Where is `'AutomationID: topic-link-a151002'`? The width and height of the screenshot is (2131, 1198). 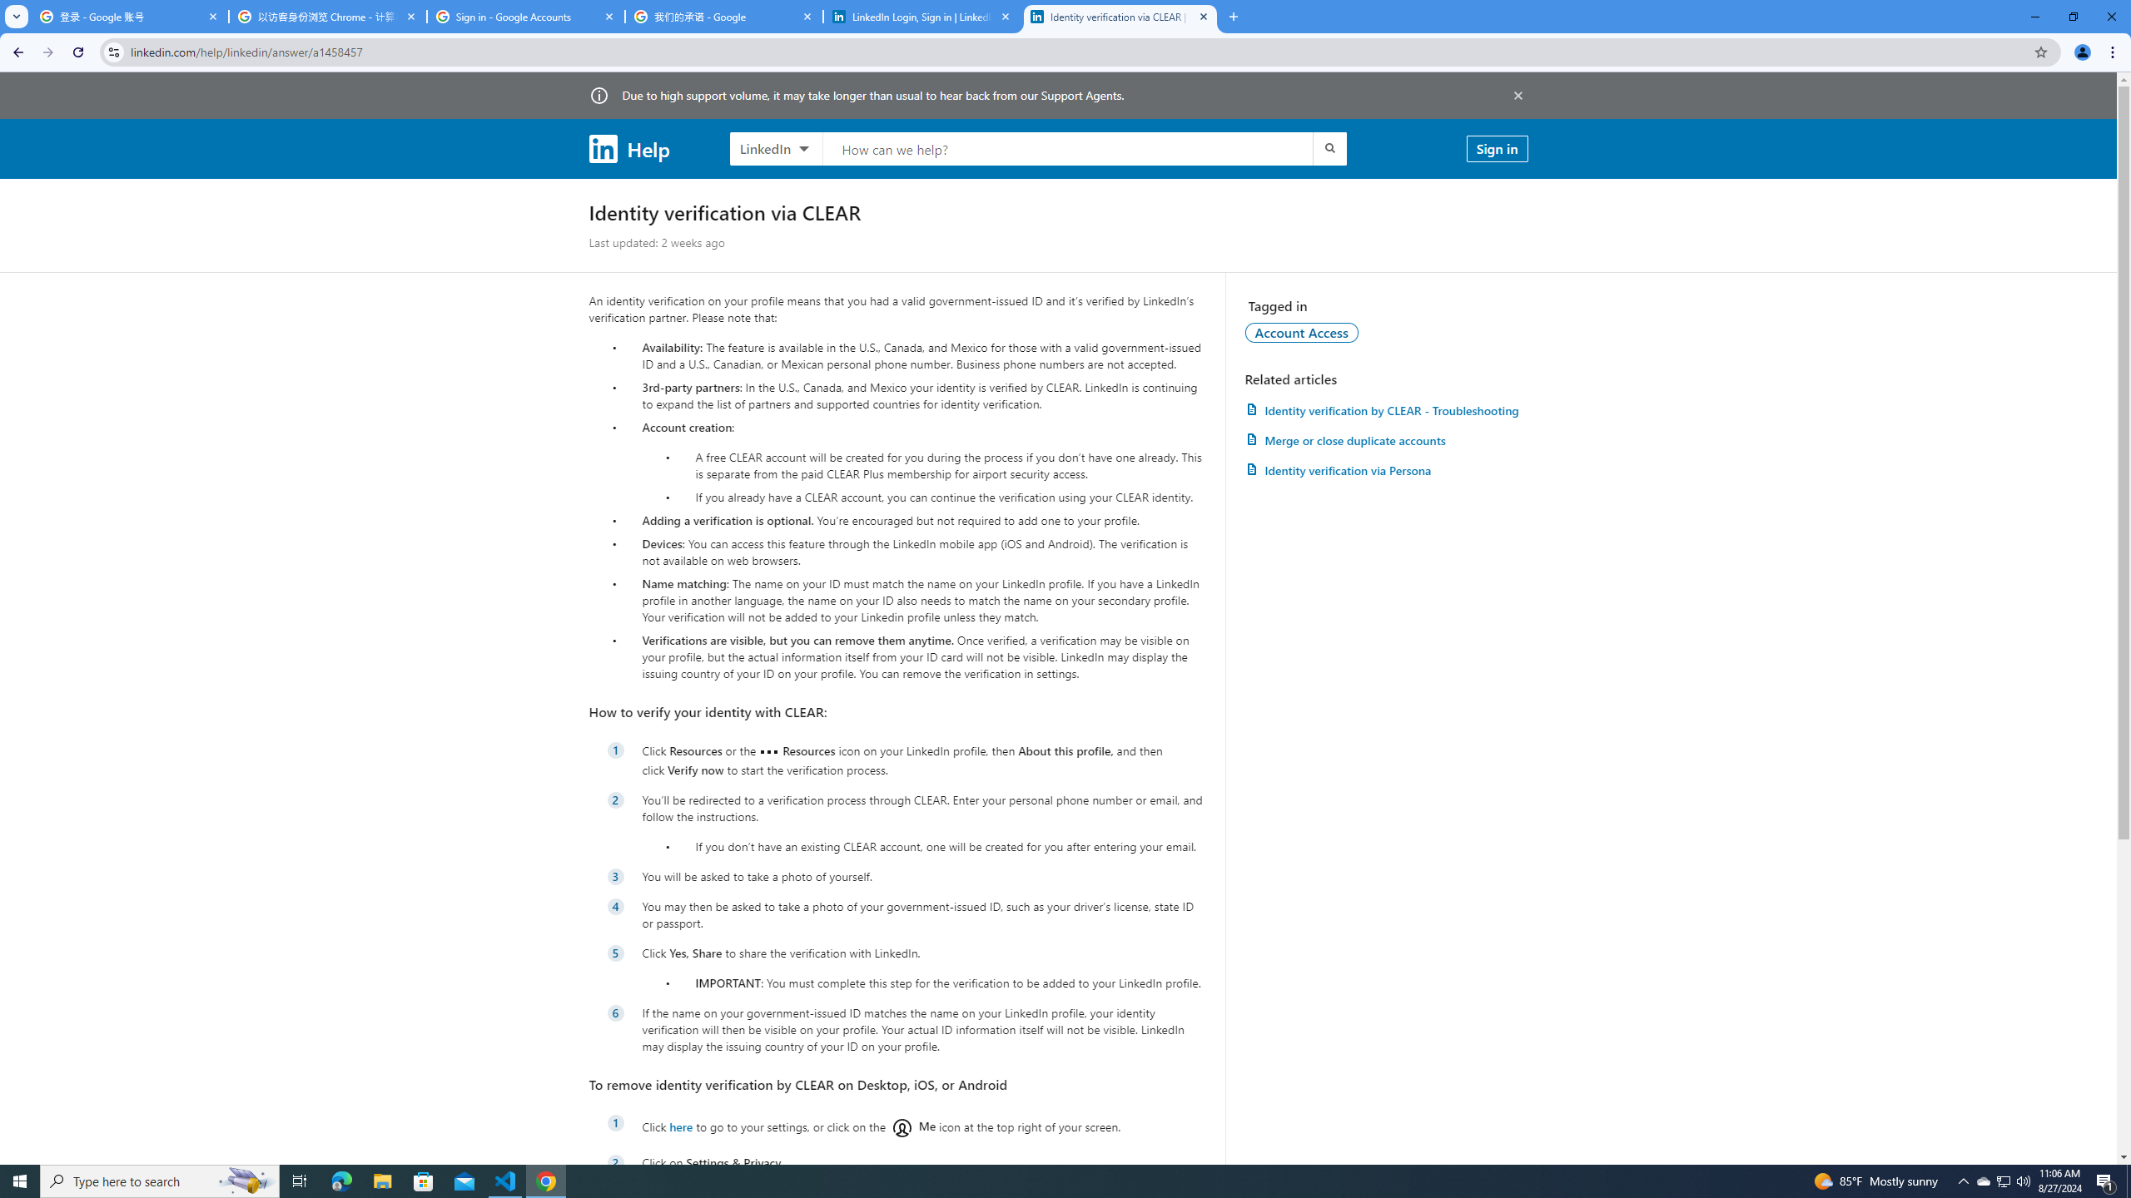
'AutomationID: topic-link-a151002' is located at coordinates (1302, 331).